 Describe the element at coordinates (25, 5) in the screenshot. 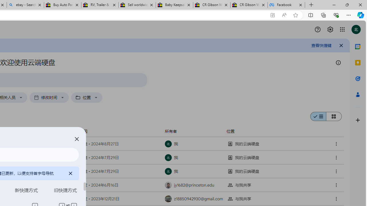

I see `'ebay - Search'` at that location.